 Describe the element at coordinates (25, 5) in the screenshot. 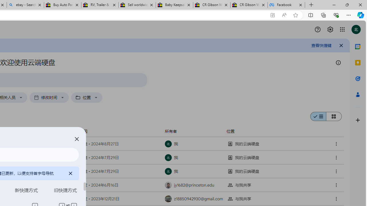

I see `'ebay - Search'` at that location.